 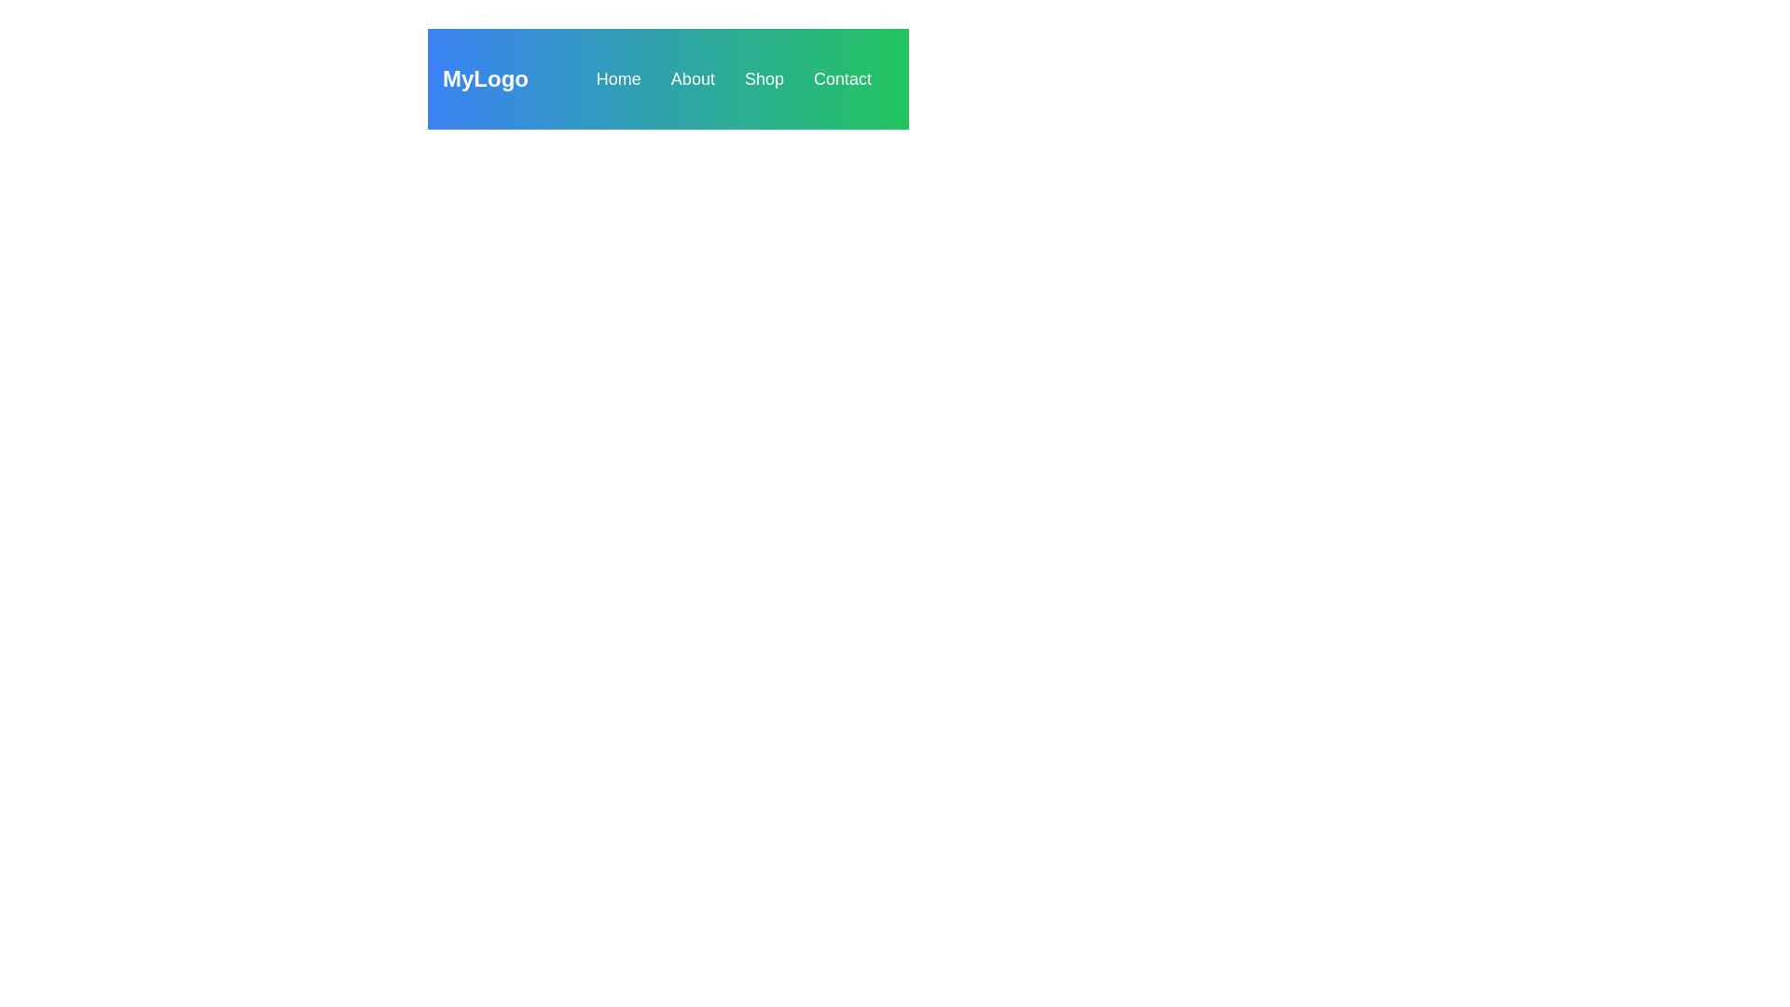 What do you see at coordinates (841, 77) in the screenshot?
I see `the 'Contact' hyperlink located in the top right navigation bar to change its color to yellow` at bounding box center [841, 77].